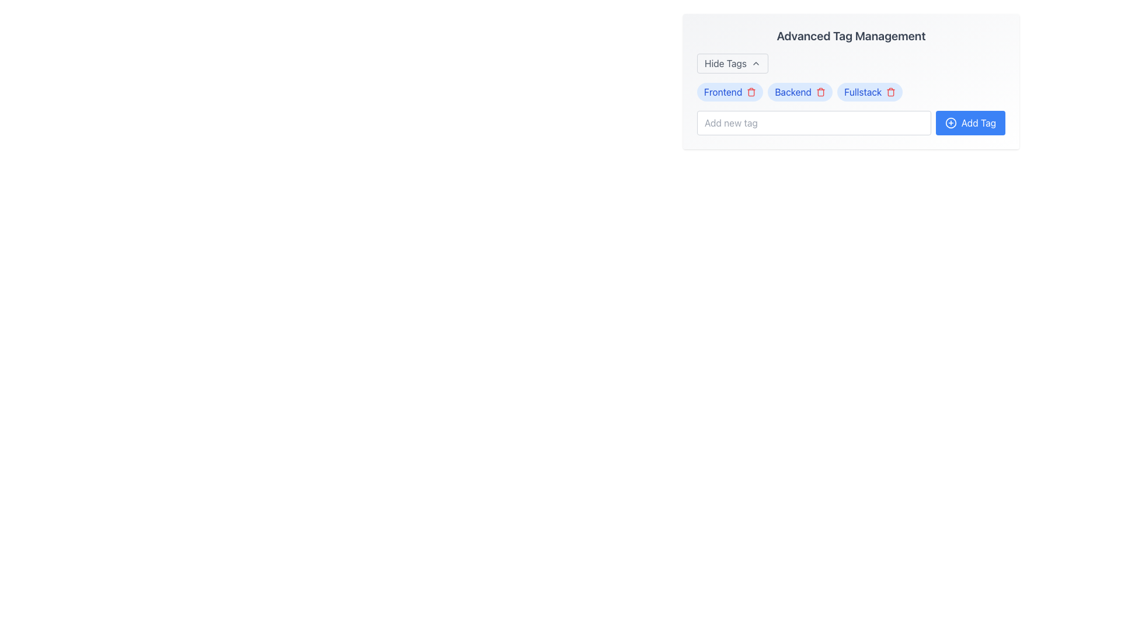 Image resolution: width=1121 pixels, height=630 pixels. What do you see at coordinates (793, 92) in the screenshot?
I see `the 'Backend' text label, which is styled with a blue font color and is located in the 'Advanced Tag Management' section as the second tag among 'Frontend', 'Backend', and 'Fullstack'` at bounding box center [793, 92].